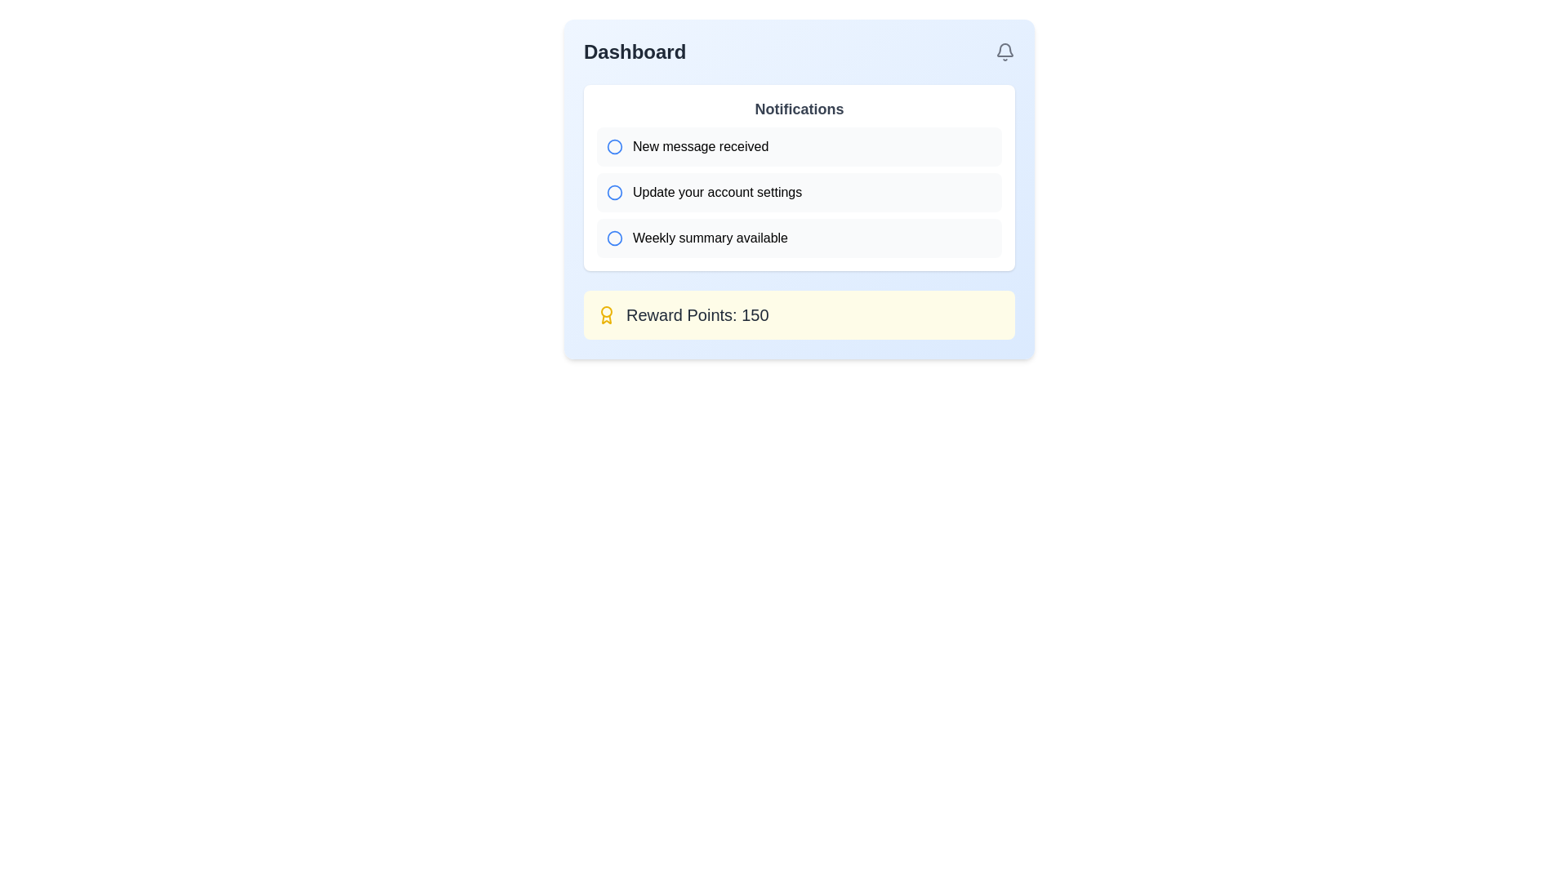 Image resolution: width=1568 pixels, height=882 pixels. I want to click on the second notification entry in the 'Notifications' section of the main dashboard, so click(800, 191).